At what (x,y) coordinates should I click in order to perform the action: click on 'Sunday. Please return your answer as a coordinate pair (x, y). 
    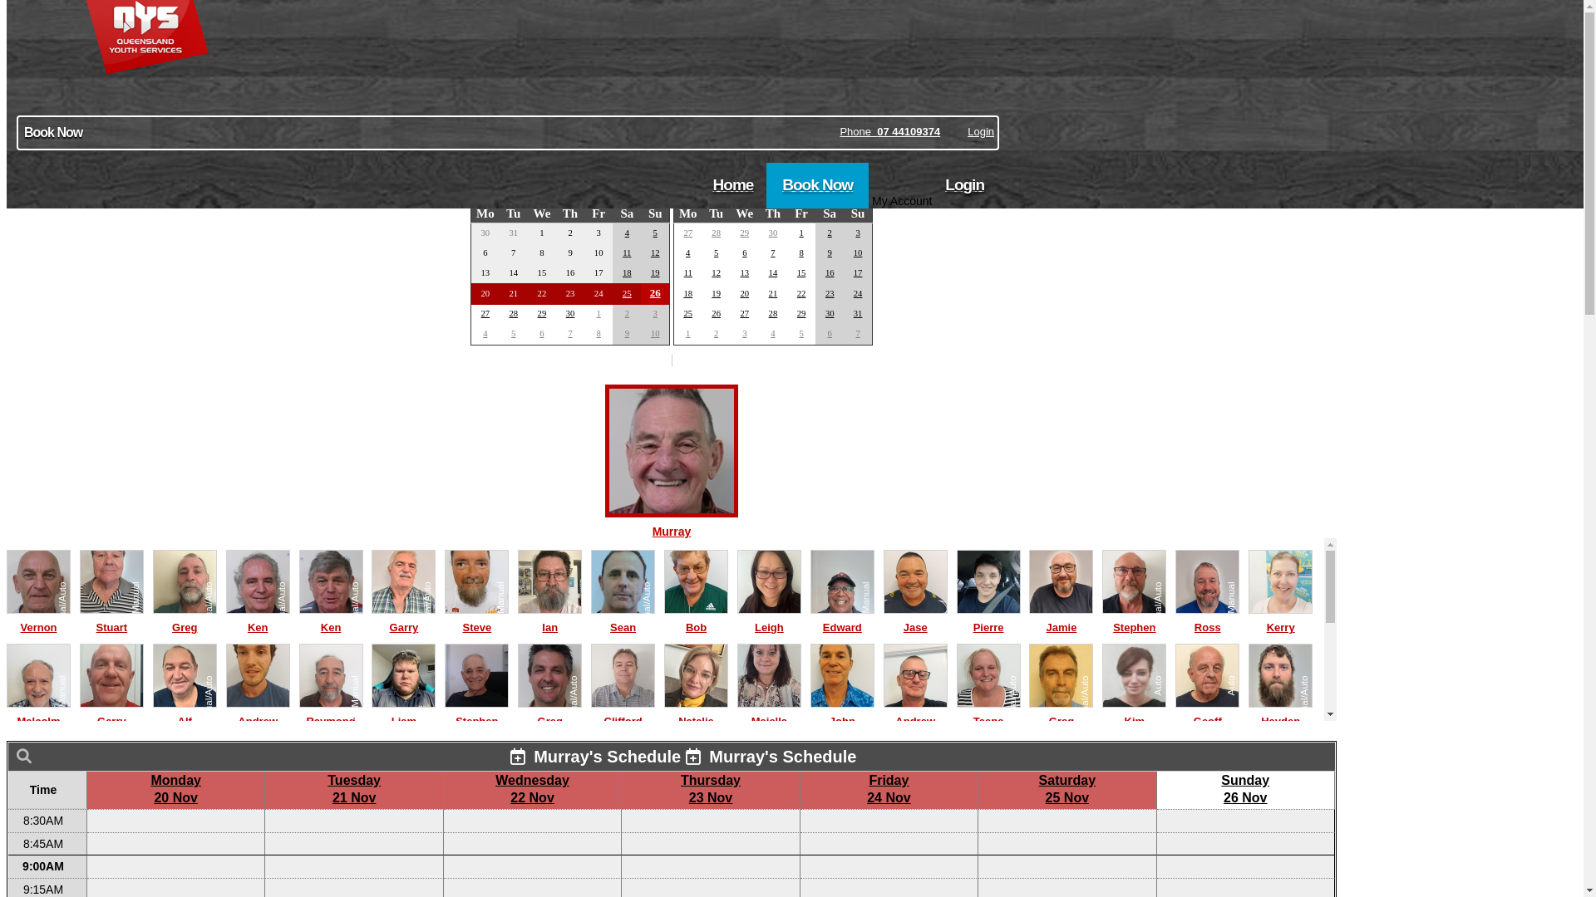
    Looking at the image, I should click on (1244, 787).